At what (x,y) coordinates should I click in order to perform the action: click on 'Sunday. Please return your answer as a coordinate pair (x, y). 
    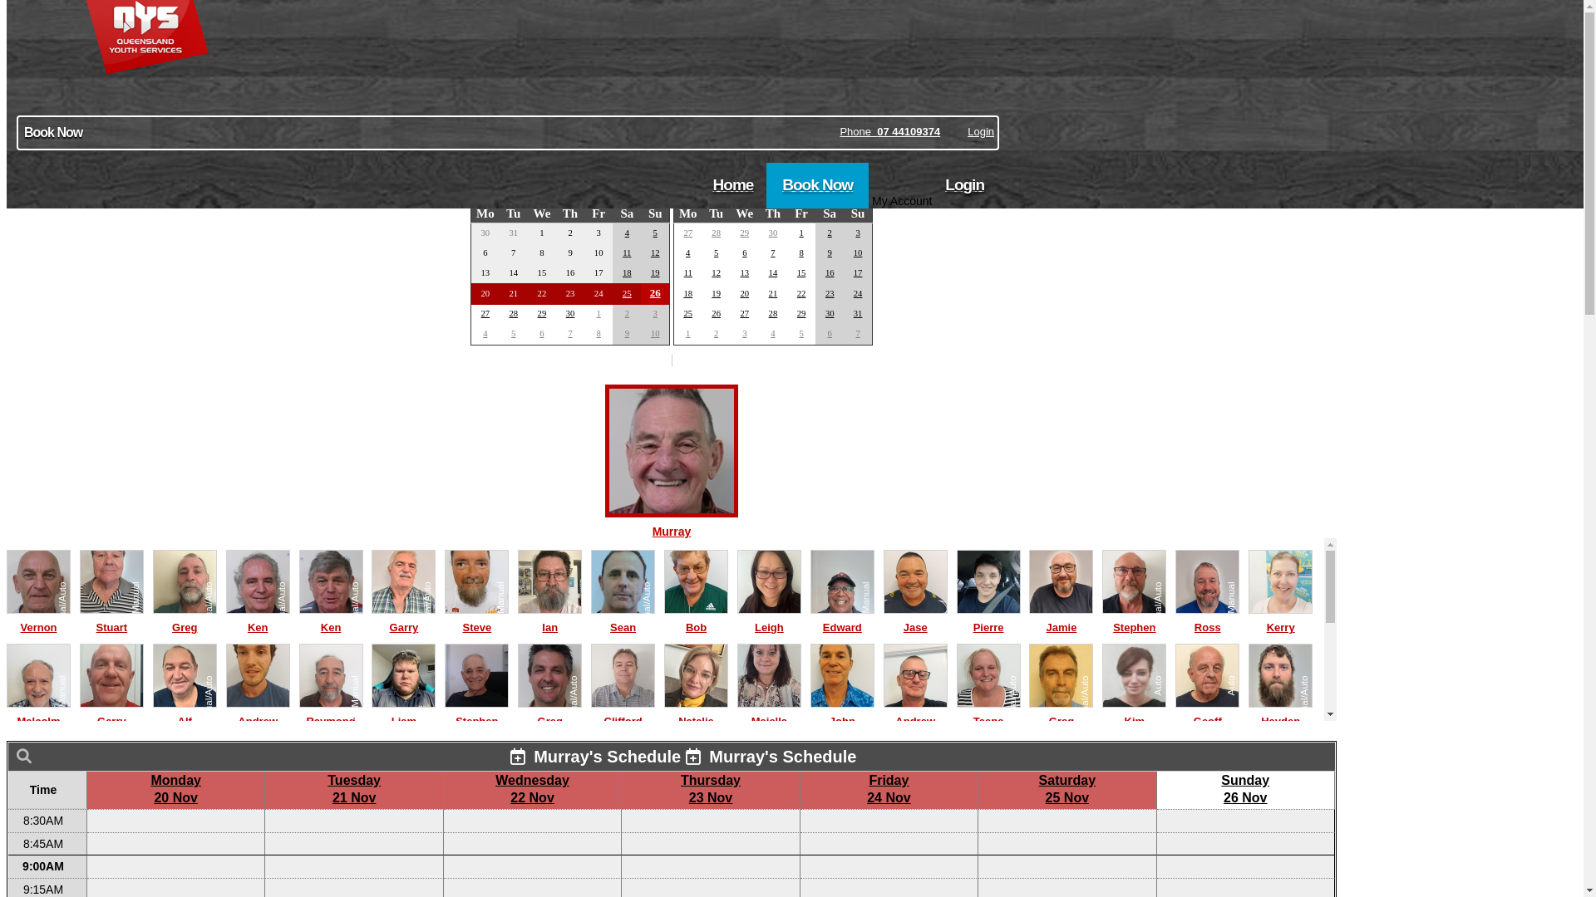
    Looking at the image, I should click on (1244, 787).